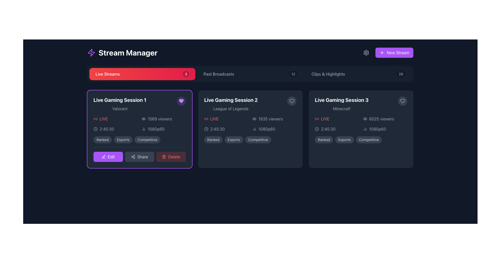 The image size is (489, 275). What do you see at coordinates (254, 129) in the screenshot?
I see `the non-interactive SVG icon representing a chart or graph, which is positioned to the left of the '1080p60' text in the 'Live Gaming Session 2' card` at bounding box center [254, 129].